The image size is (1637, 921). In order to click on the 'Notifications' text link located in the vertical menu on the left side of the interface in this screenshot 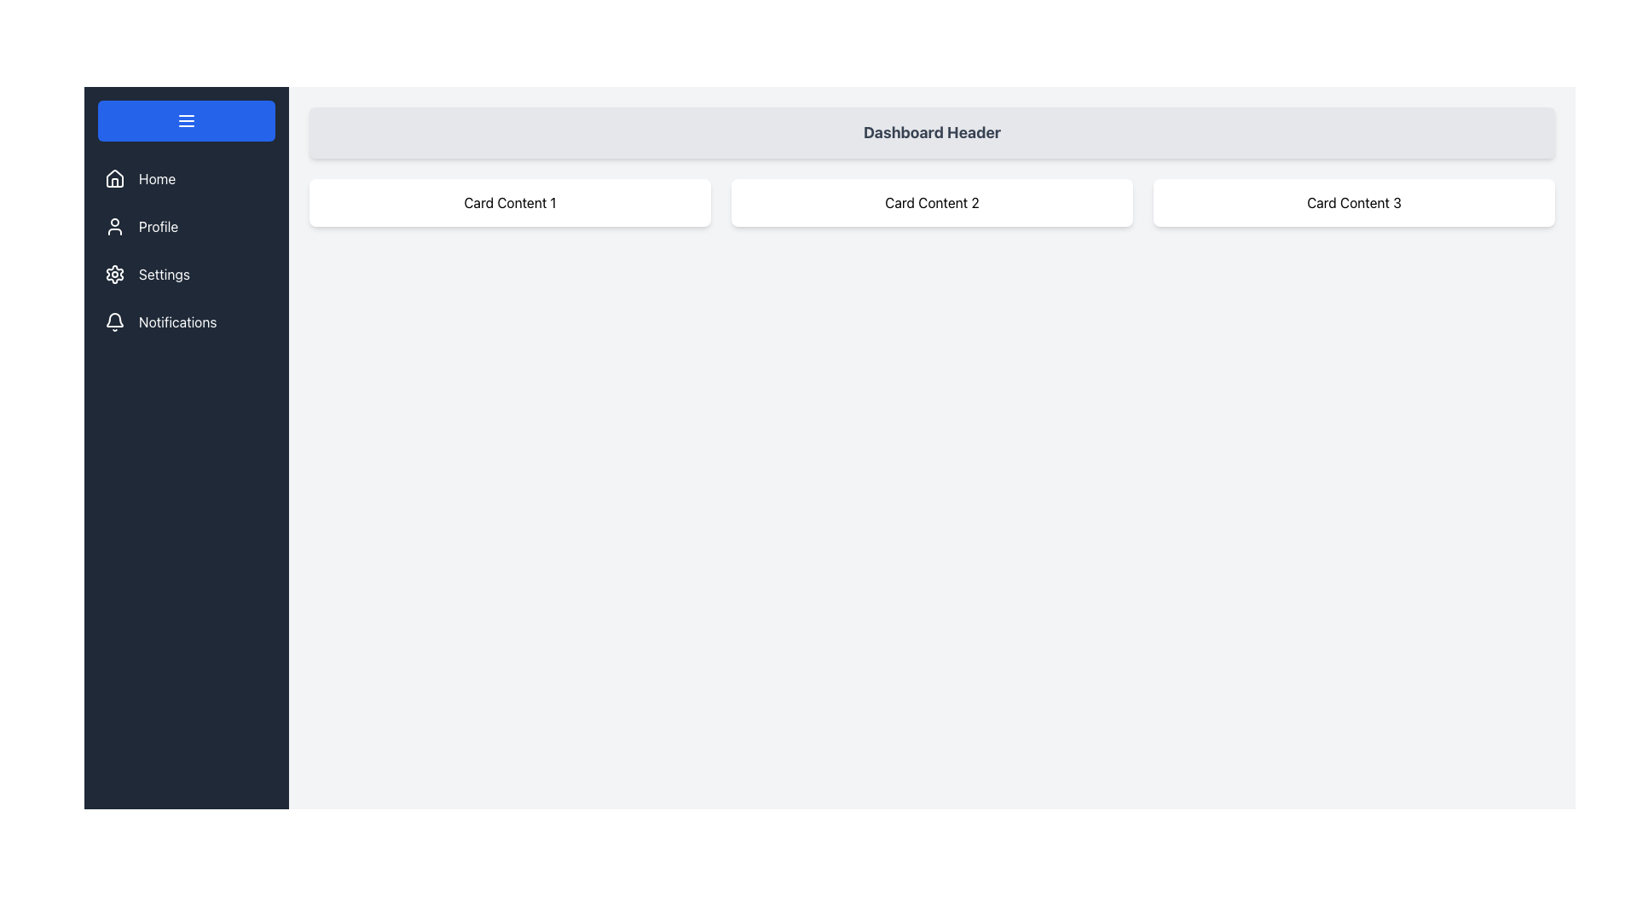, I will do `click(177, 322)`.